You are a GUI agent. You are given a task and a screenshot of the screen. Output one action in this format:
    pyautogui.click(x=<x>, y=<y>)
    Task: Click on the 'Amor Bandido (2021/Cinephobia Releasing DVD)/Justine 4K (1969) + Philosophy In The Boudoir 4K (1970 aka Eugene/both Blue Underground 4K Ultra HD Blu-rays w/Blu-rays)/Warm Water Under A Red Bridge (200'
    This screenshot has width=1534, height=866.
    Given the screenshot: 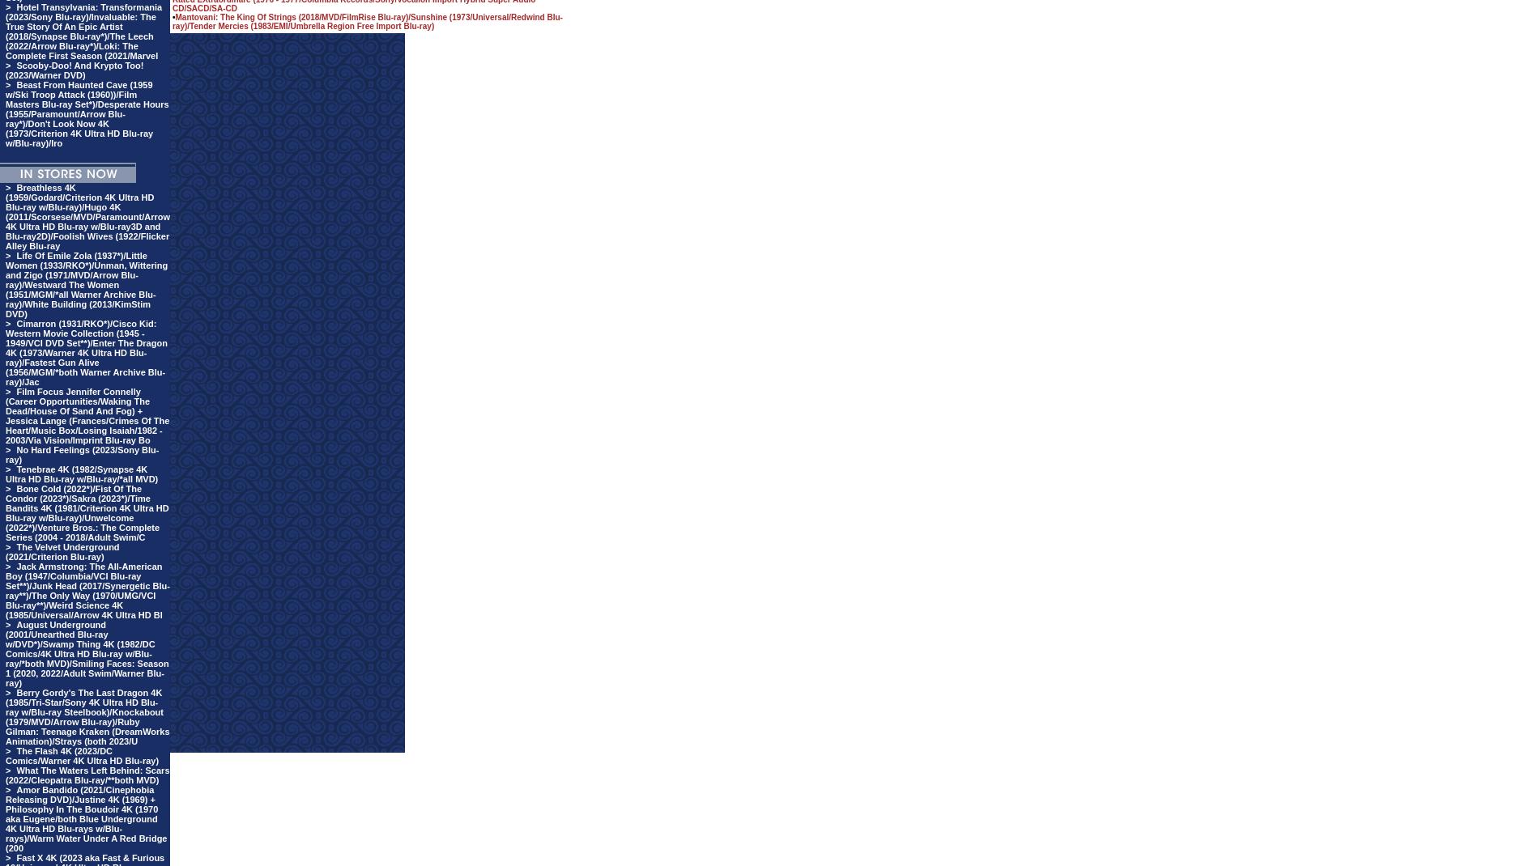 What is the action you would take?
    pyautogui.click(x=85, y=819)
    